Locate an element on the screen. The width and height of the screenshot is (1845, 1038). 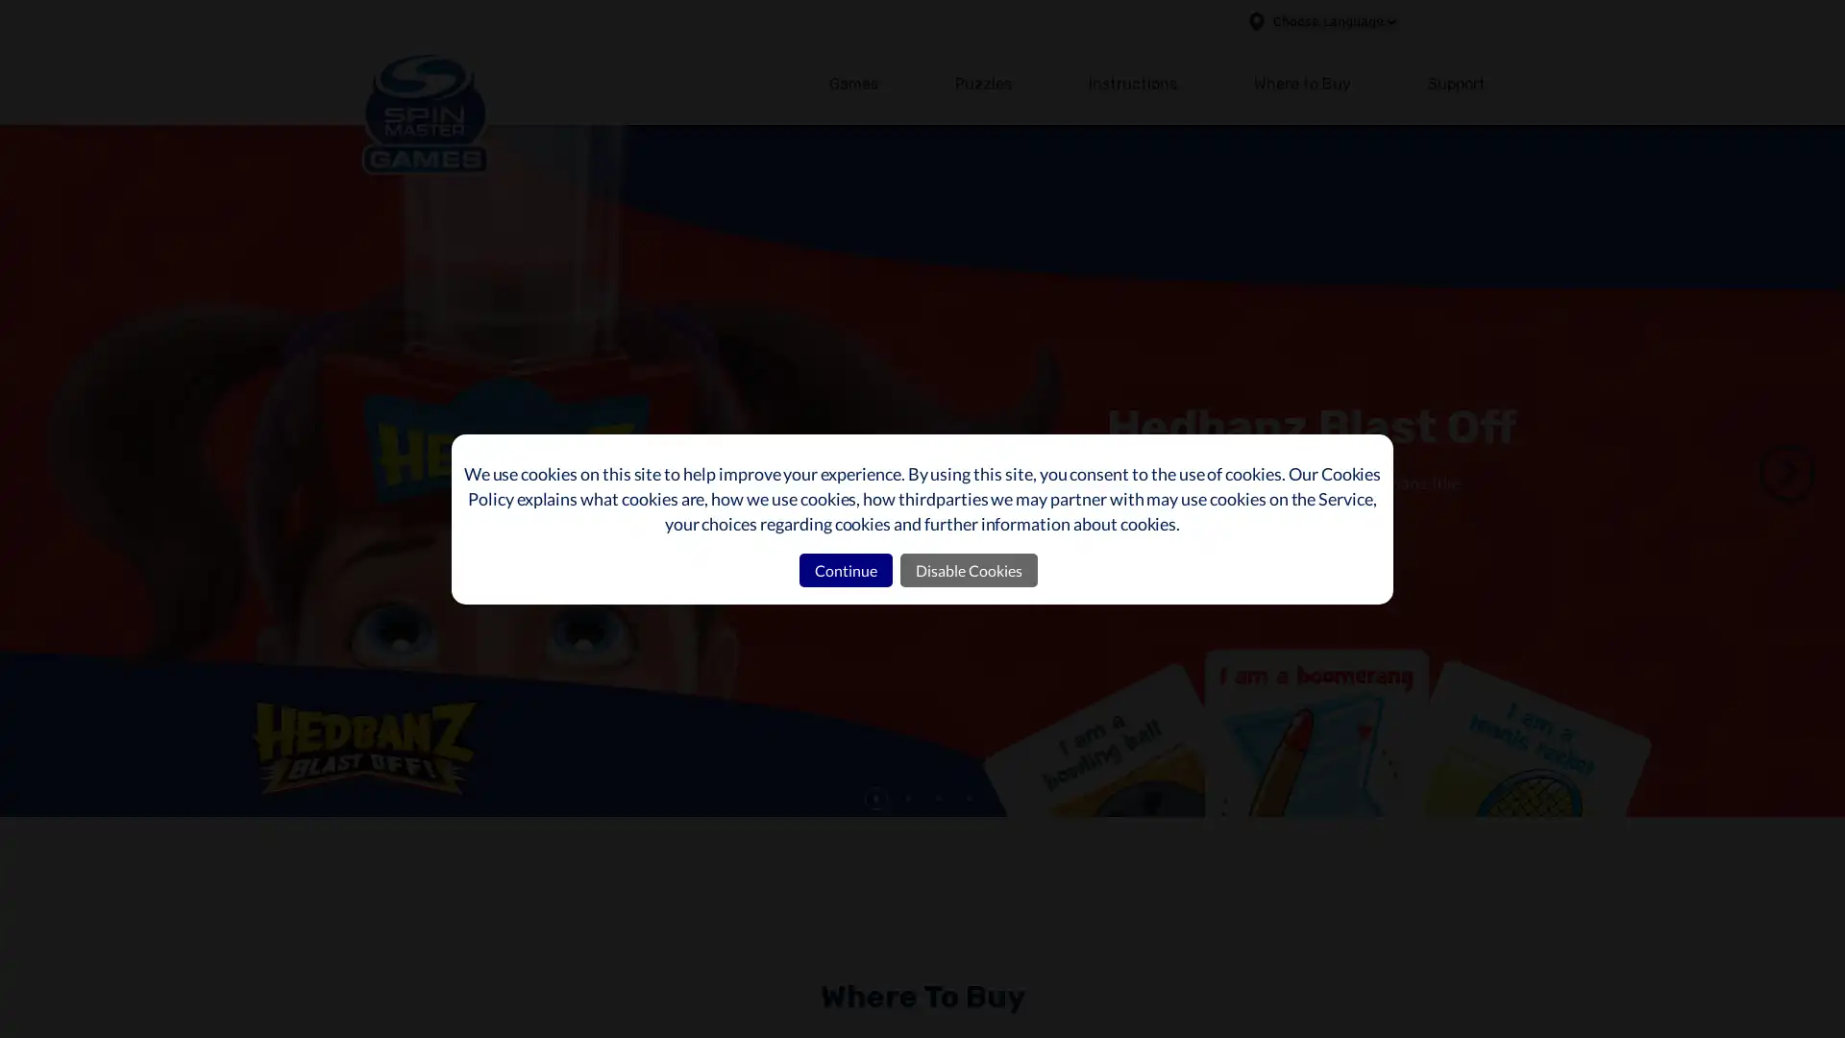
slide 3 bullet is located at coordinates (939, 798).